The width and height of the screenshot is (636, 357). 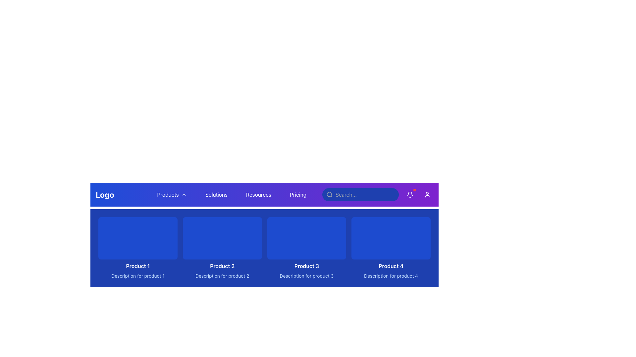 What do you see at coordinates (104, 194) in the screenshot?
I see `the bold, large-sized text element that reads 'Logo', which is displayed in white on a vibrant blue background at the top-left corner of the header section` at bounding box center [104, 194].